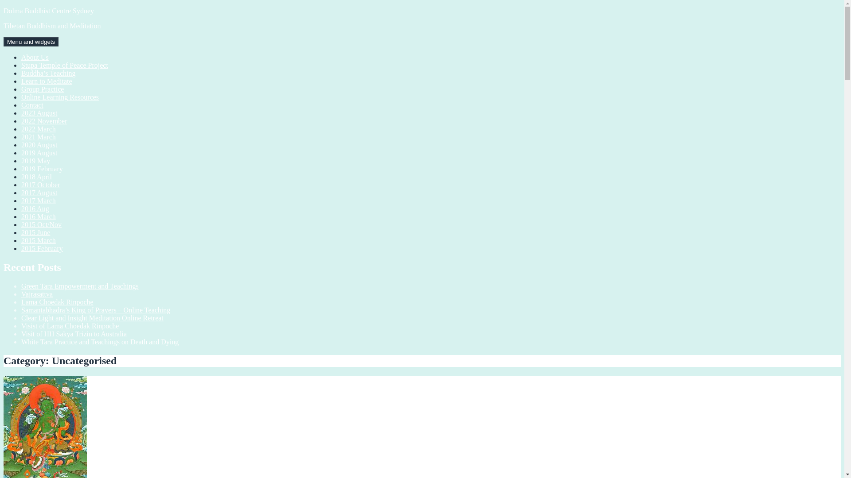 This screenshot has height=478, width=851. I want to click on 'Skip to content', so click(3, 7).